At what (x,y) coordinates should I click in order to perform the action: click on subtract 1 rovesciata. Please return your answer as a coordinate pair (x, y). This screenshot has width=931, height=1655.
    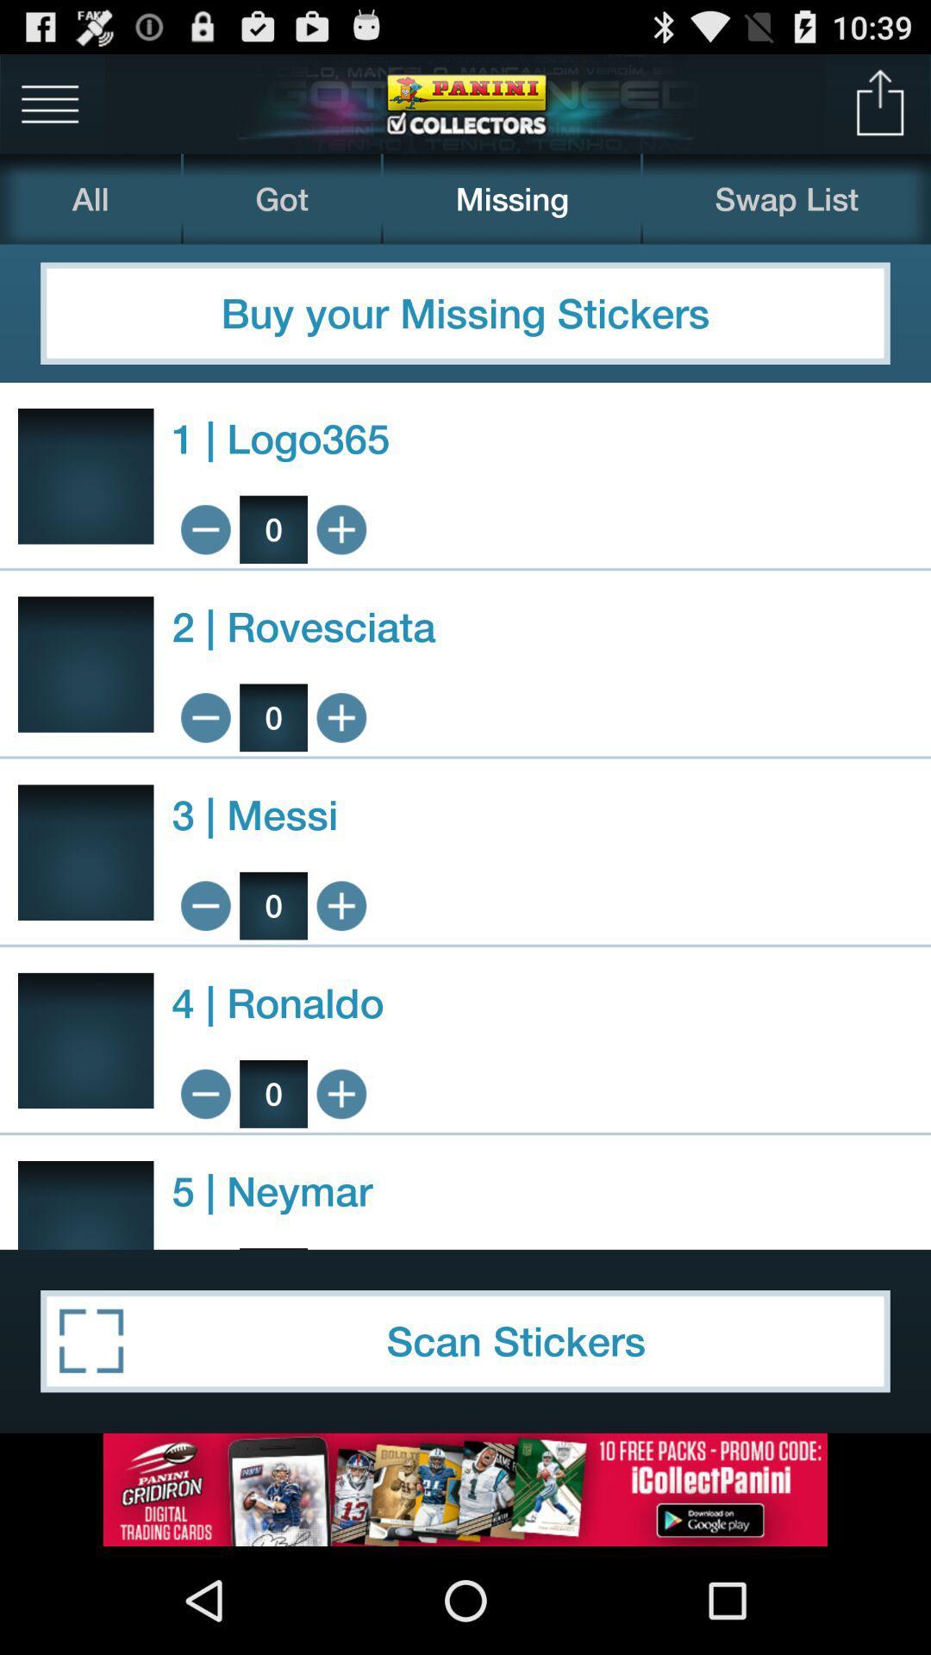
    Looking at the image, I should click on (204, 717).